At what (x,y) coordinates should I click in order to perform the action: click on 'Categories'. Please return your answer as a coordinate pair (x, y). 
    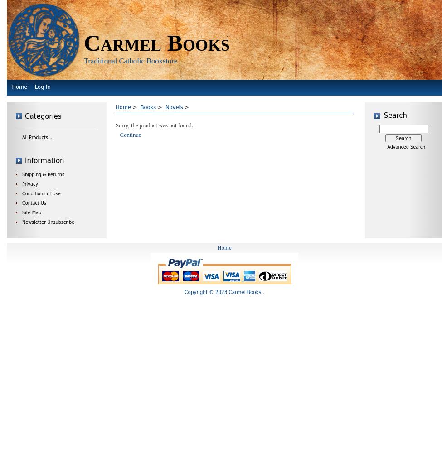
    Looking at the image, I should click on (43, 116).